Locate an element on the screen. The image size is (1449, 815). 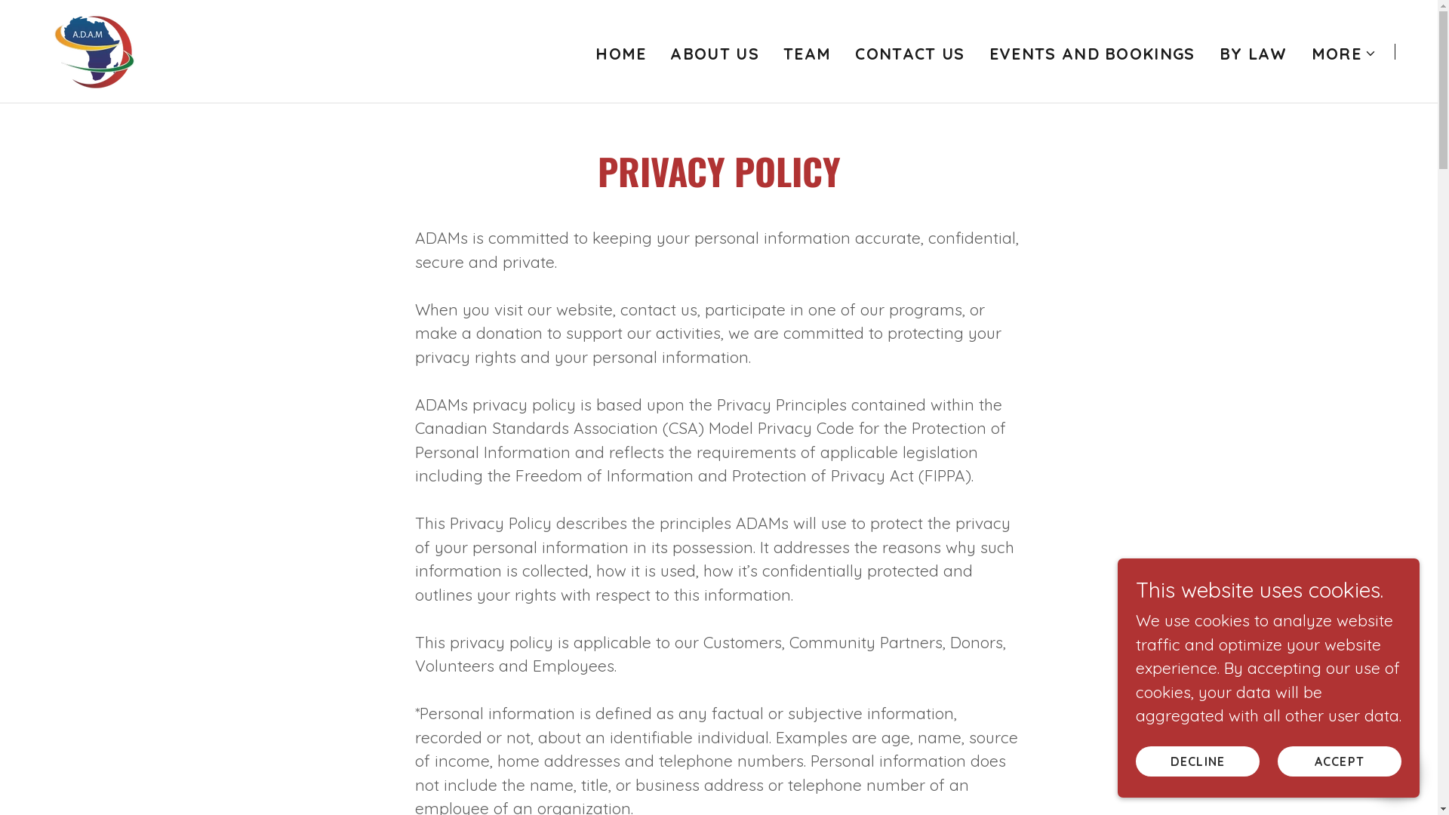
'MORE' is located at coordinates (1343, 51).